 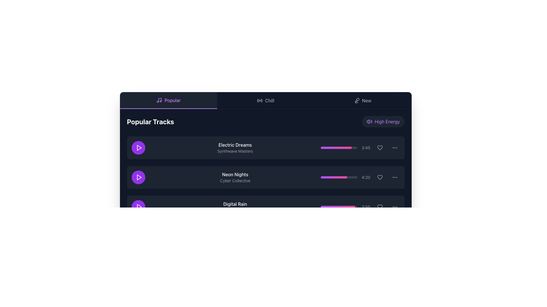 What do you see at coordinates (370, 121) in the screenshot?
I see `the sound icon located at the top-right corner of the interface, next` at bounding box center [370, 121].